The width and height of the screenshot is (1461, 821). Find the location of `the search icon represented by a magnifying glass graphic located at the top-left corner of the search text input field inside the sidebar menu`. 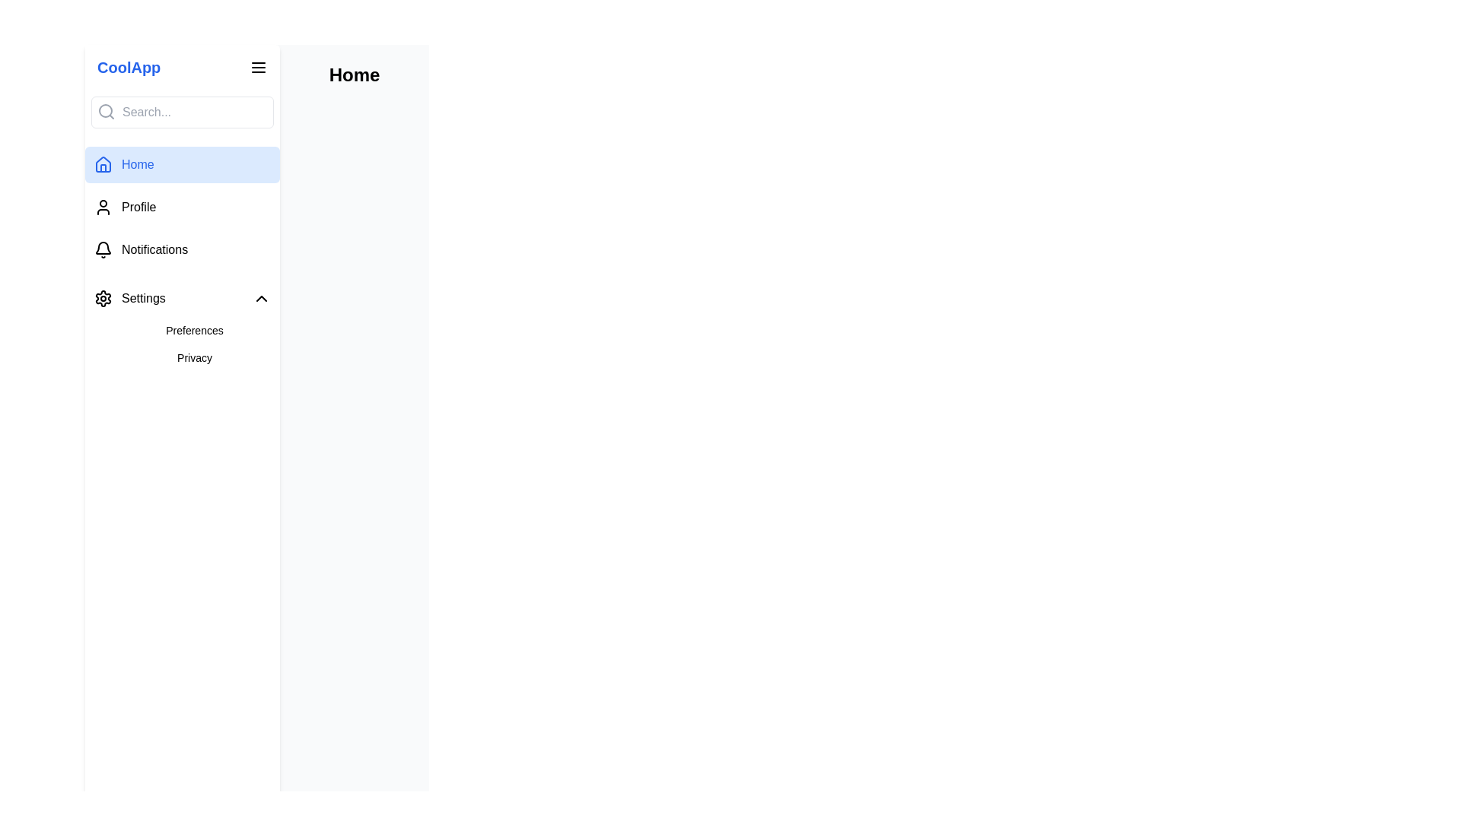

the search icon represented by a magnifying glass graphic located at the top-left corner of the search text input field inside the sidebar menu is located at coordinates (105, 110).